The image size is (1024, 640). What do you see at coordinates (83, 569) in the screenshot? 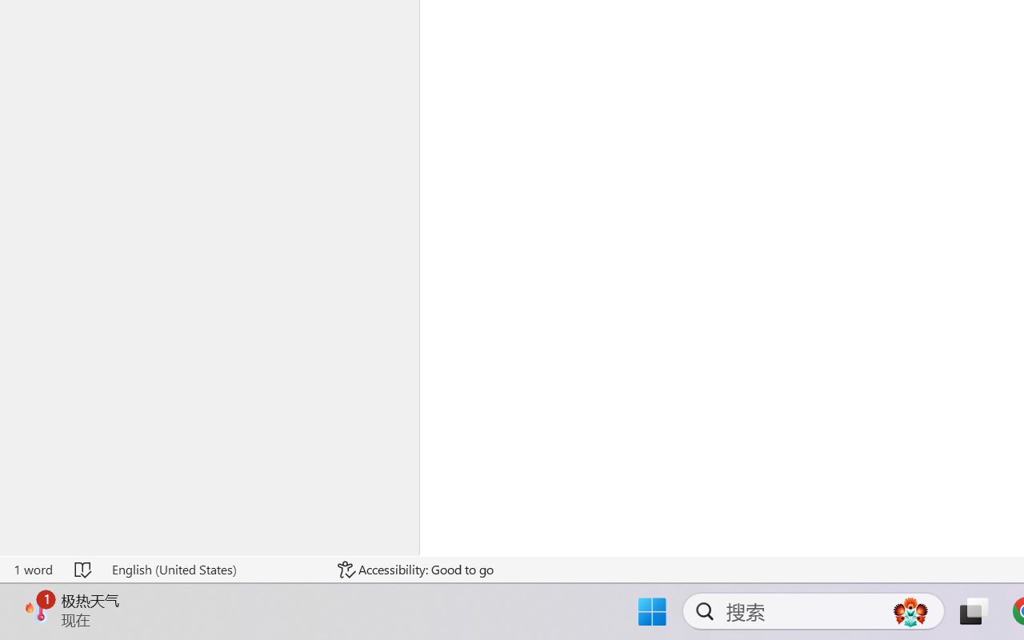
I see `'Spelling and Grammar Check No Errors'` at bounding box center [83, 569].